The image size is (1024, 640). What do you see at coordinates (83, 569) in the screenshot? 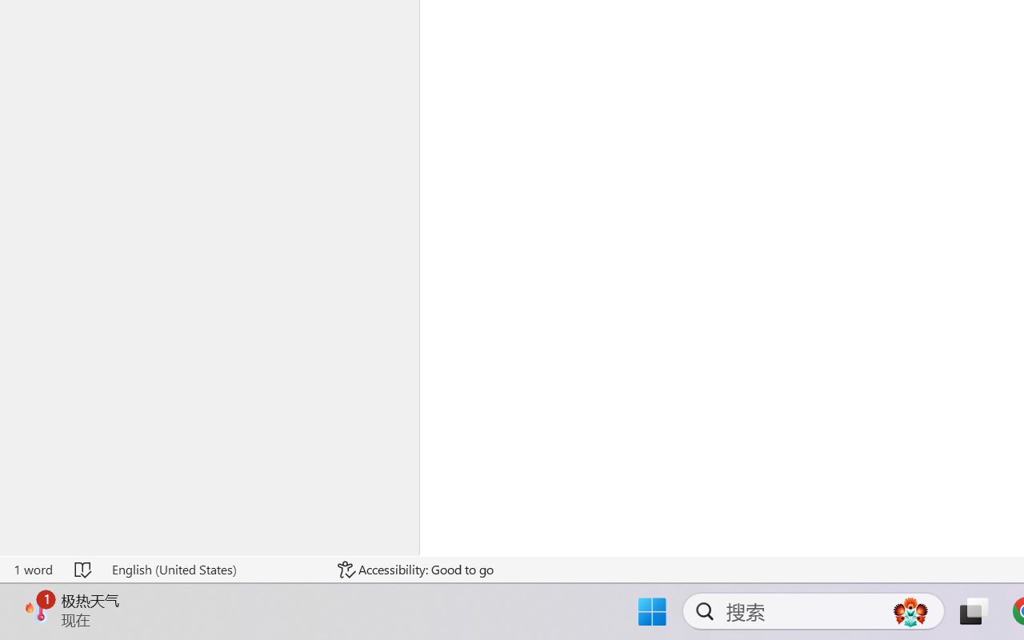
I see `'Spelling and Grammar Check No Errors'` at bounding box center [83, 569].